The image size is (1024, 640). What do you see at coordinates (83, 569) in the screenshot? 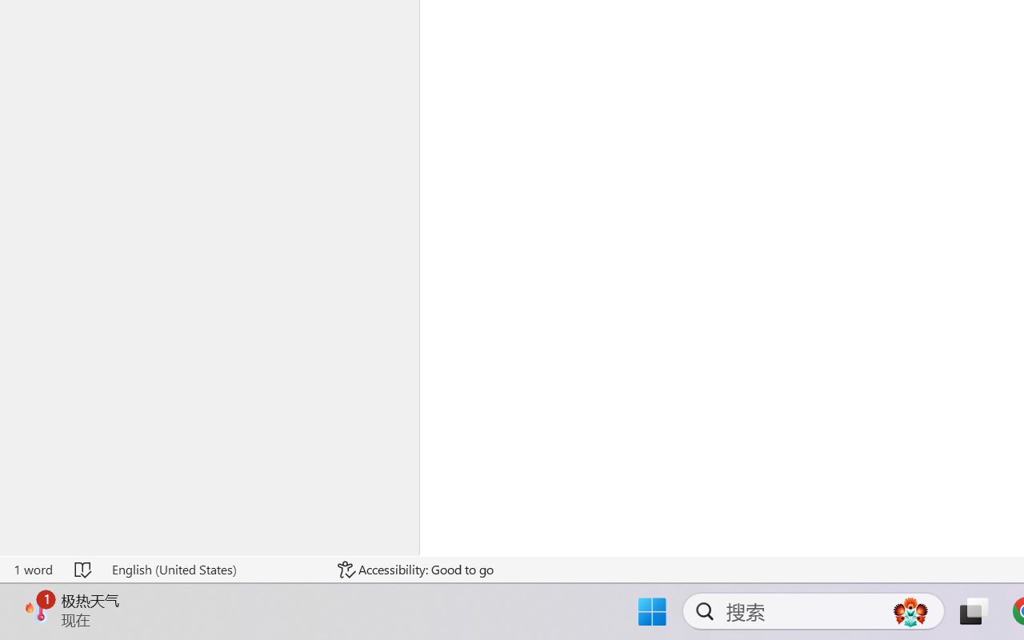
I see `'Spelling and Grammar Check No Errors'` at bounding box center [83, 569].